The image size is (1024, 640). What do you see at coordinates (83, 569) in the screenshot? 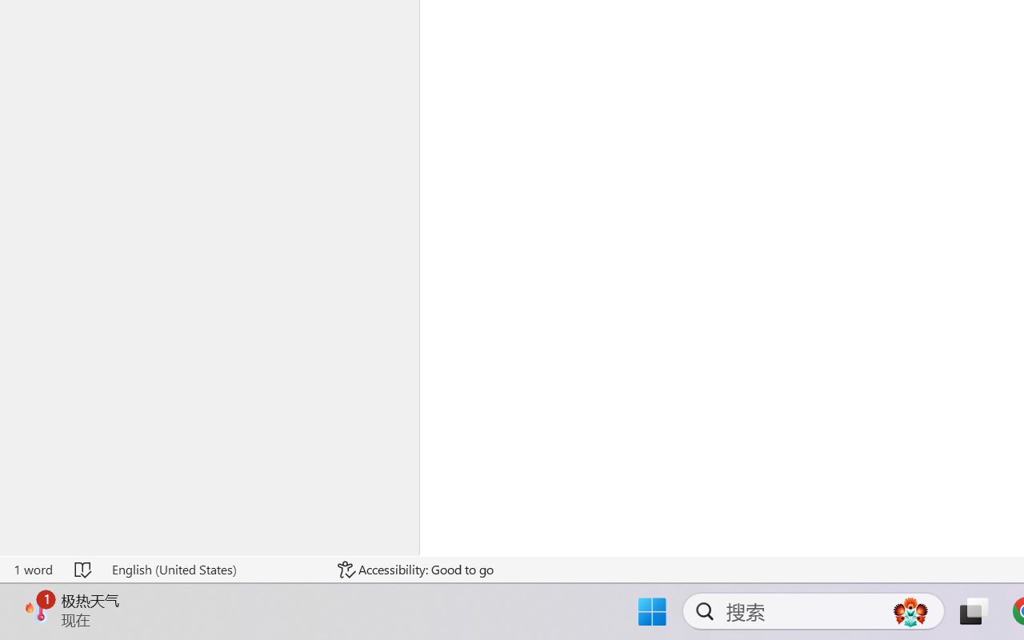
I see `'Spelling and Grammar Check No Errors'` at bounding box center [83, 569].